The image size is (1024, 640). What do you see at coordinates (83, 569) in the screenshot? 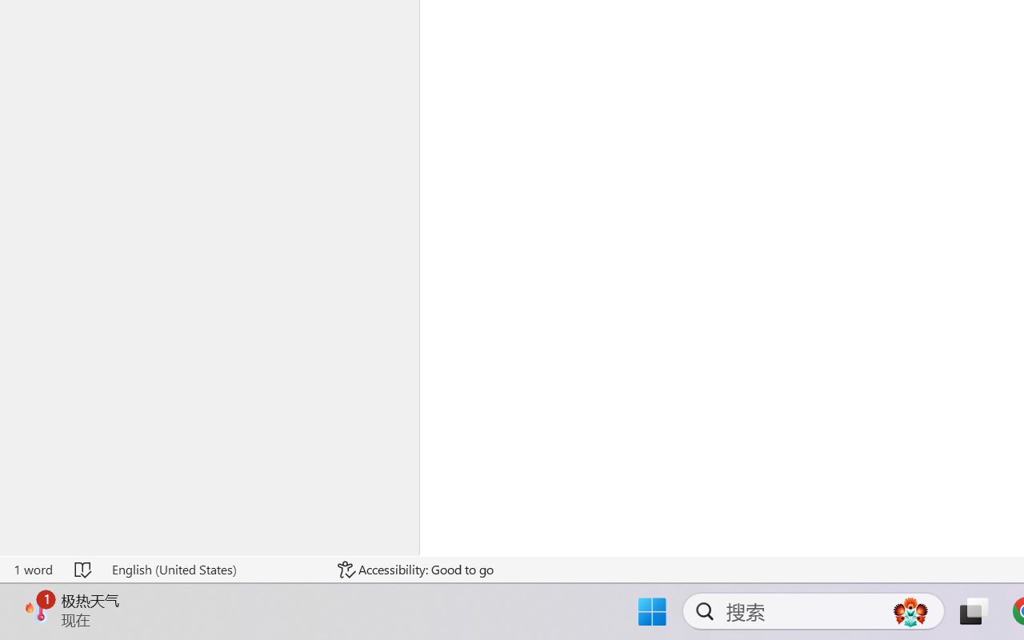
I see `'Spelling and Grammar Check No Errors'` at bounding box center [83, 569].